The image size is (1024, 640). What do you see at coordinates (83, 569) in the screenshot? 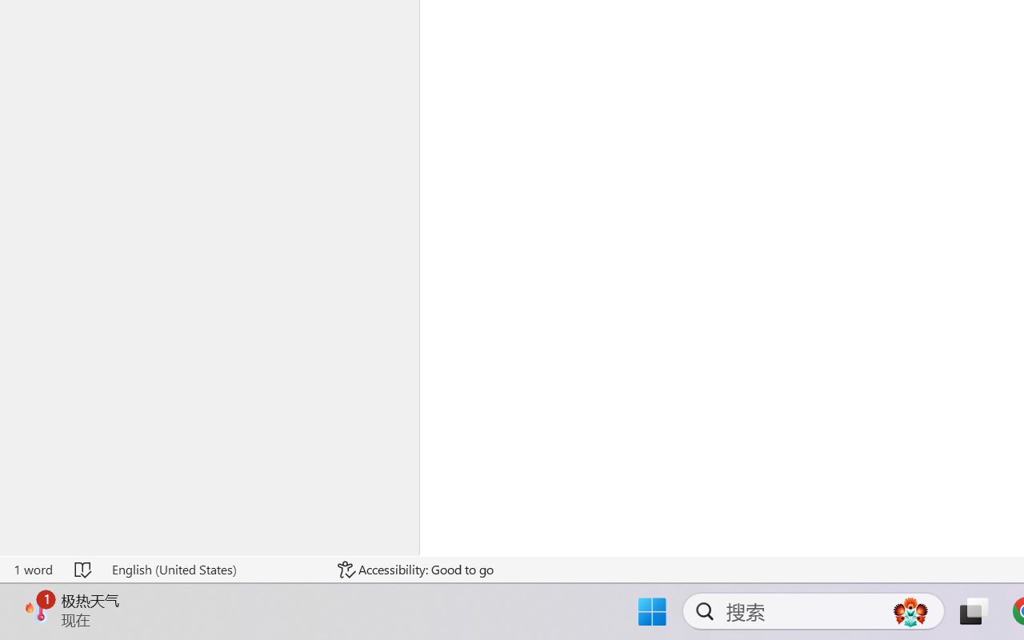
I see `'Spelling and Grammar Check No Errors'` at bounding box center [83, 569].